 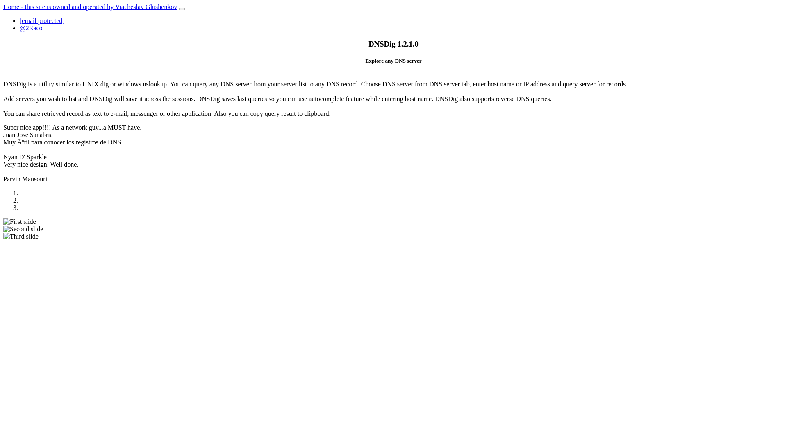 What do you see at coordinates (20, 27) in the screenshot?
I see `'@2Raco'` at bounding box center [20, 27].